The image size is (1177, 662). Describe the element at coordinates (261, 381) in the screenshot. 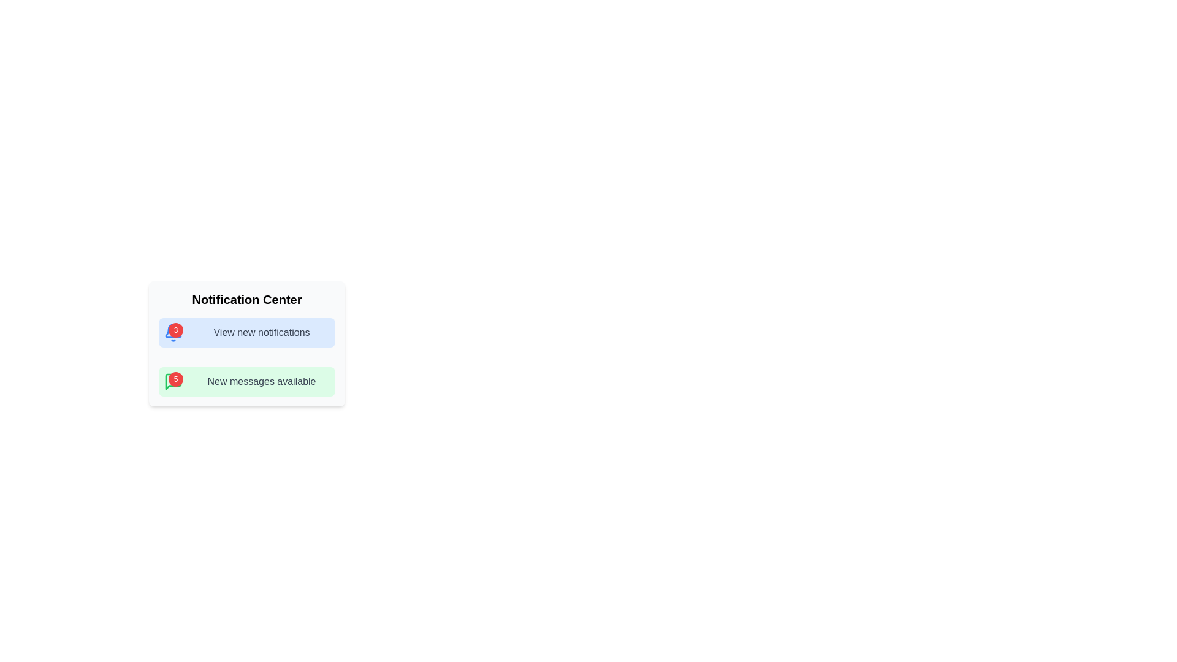

I see `text from the Text Label located in the Notification Center, below the View new notifications block, which announces the availability of new messages` at that location.